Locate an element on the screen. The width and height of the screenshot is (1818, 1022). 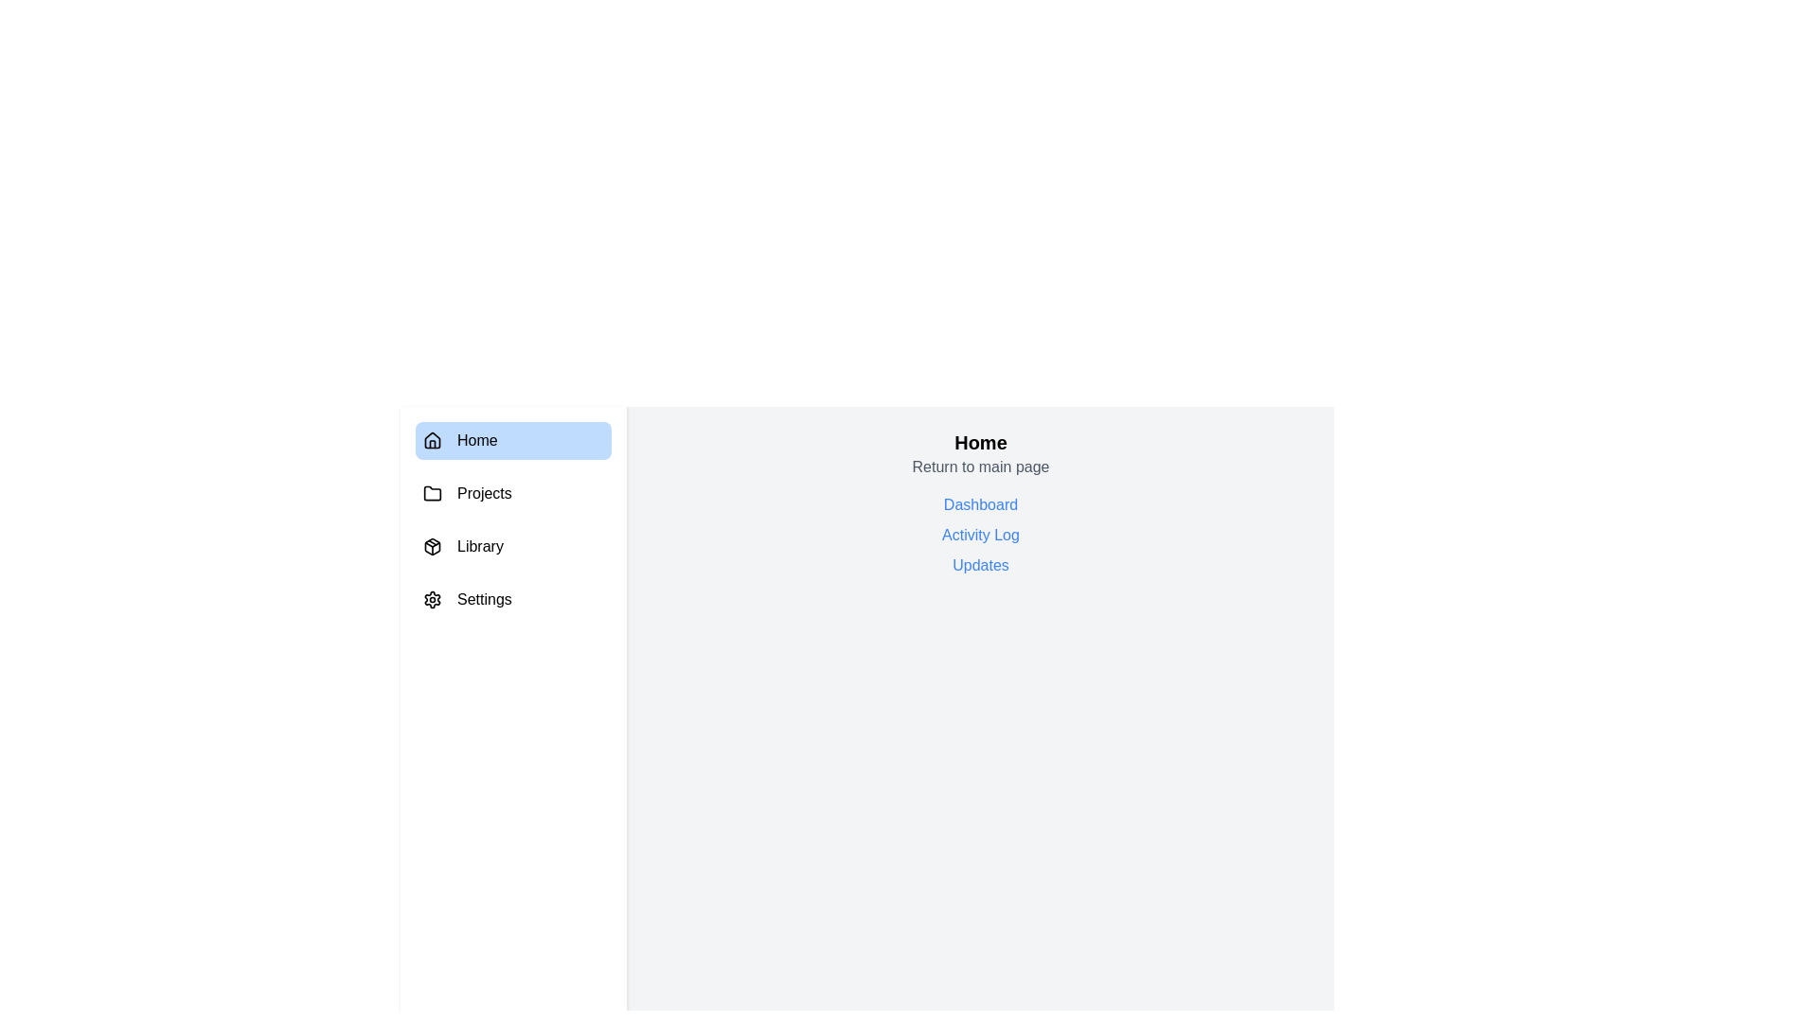
the 'Home' text label located at the top of the left-side navigation panel is located at coordinates (477, 441).